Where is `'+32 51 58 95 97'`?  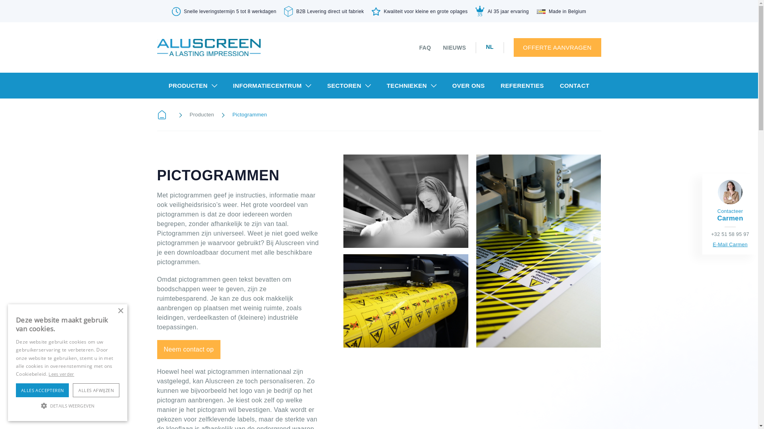
'+32 51 58 95 97' is located at coordinates (730, 234).